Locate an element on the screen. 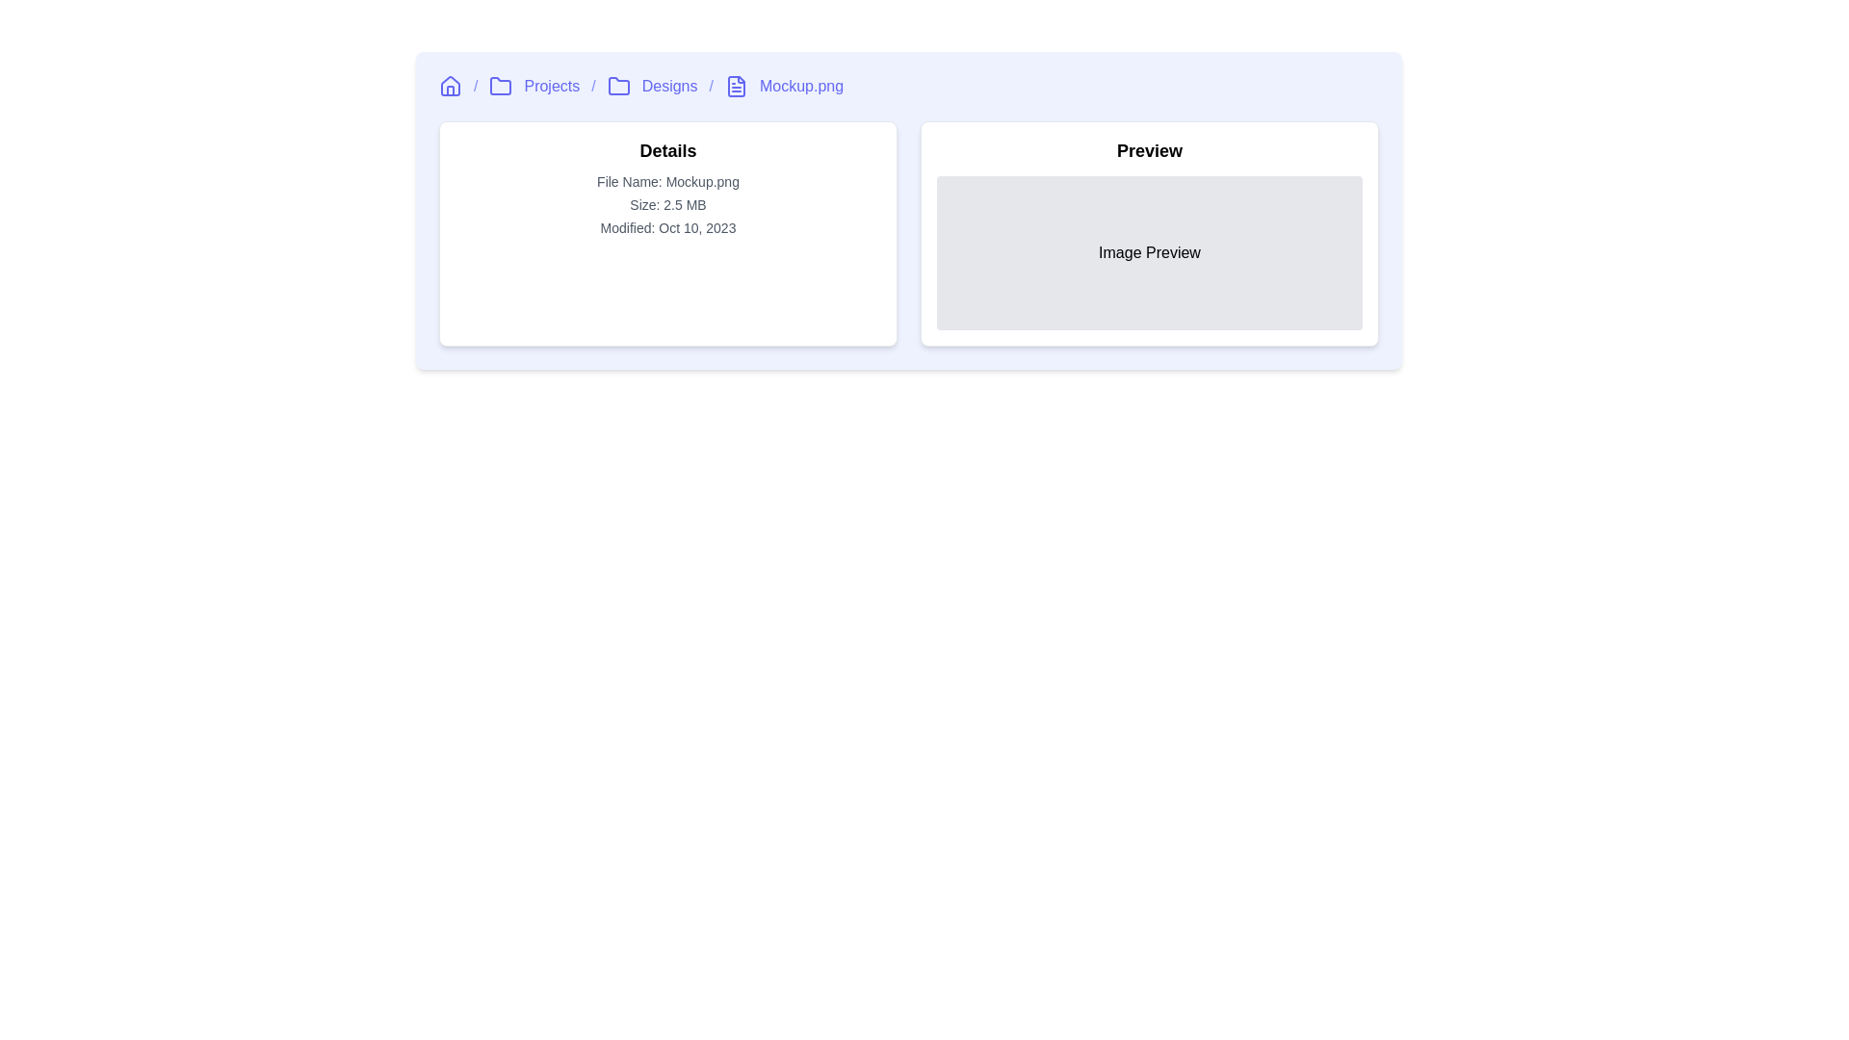  the 'Projects' text label in the breadcrumb navigation bar, which is styled in medium weight indigo-colored font and positioned between two '/' separators is located at coordinates (551, 85).